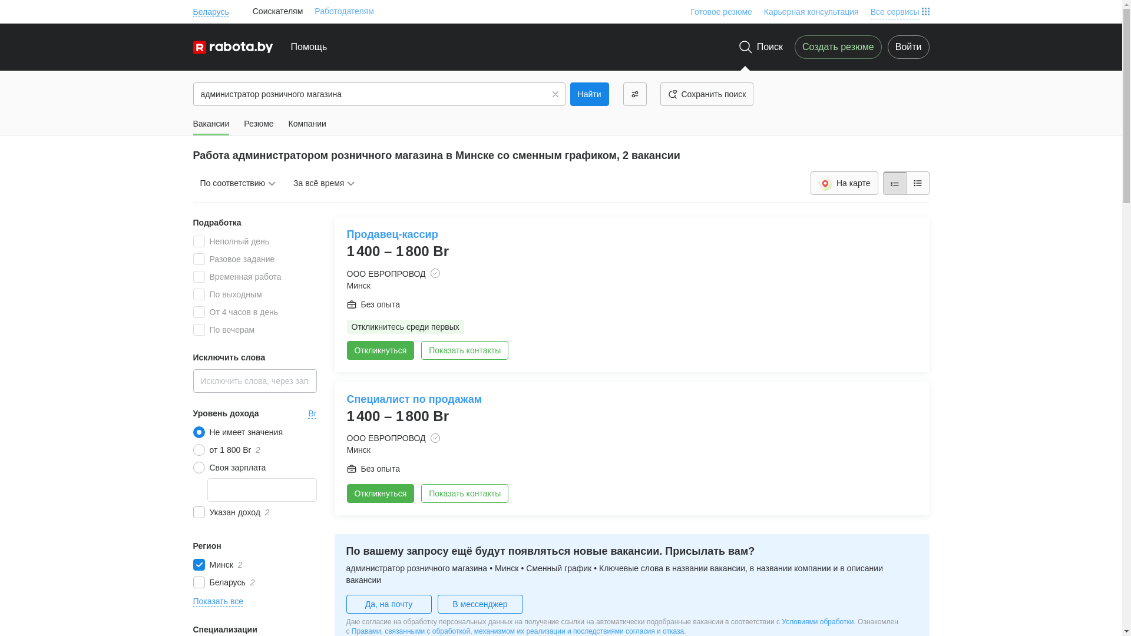 The height and width of the screenshot is (636, 1131). What do you see at coordinates (545, 93) in the screenshot?
I see `'Clear'` at bounding box center [545, 93].